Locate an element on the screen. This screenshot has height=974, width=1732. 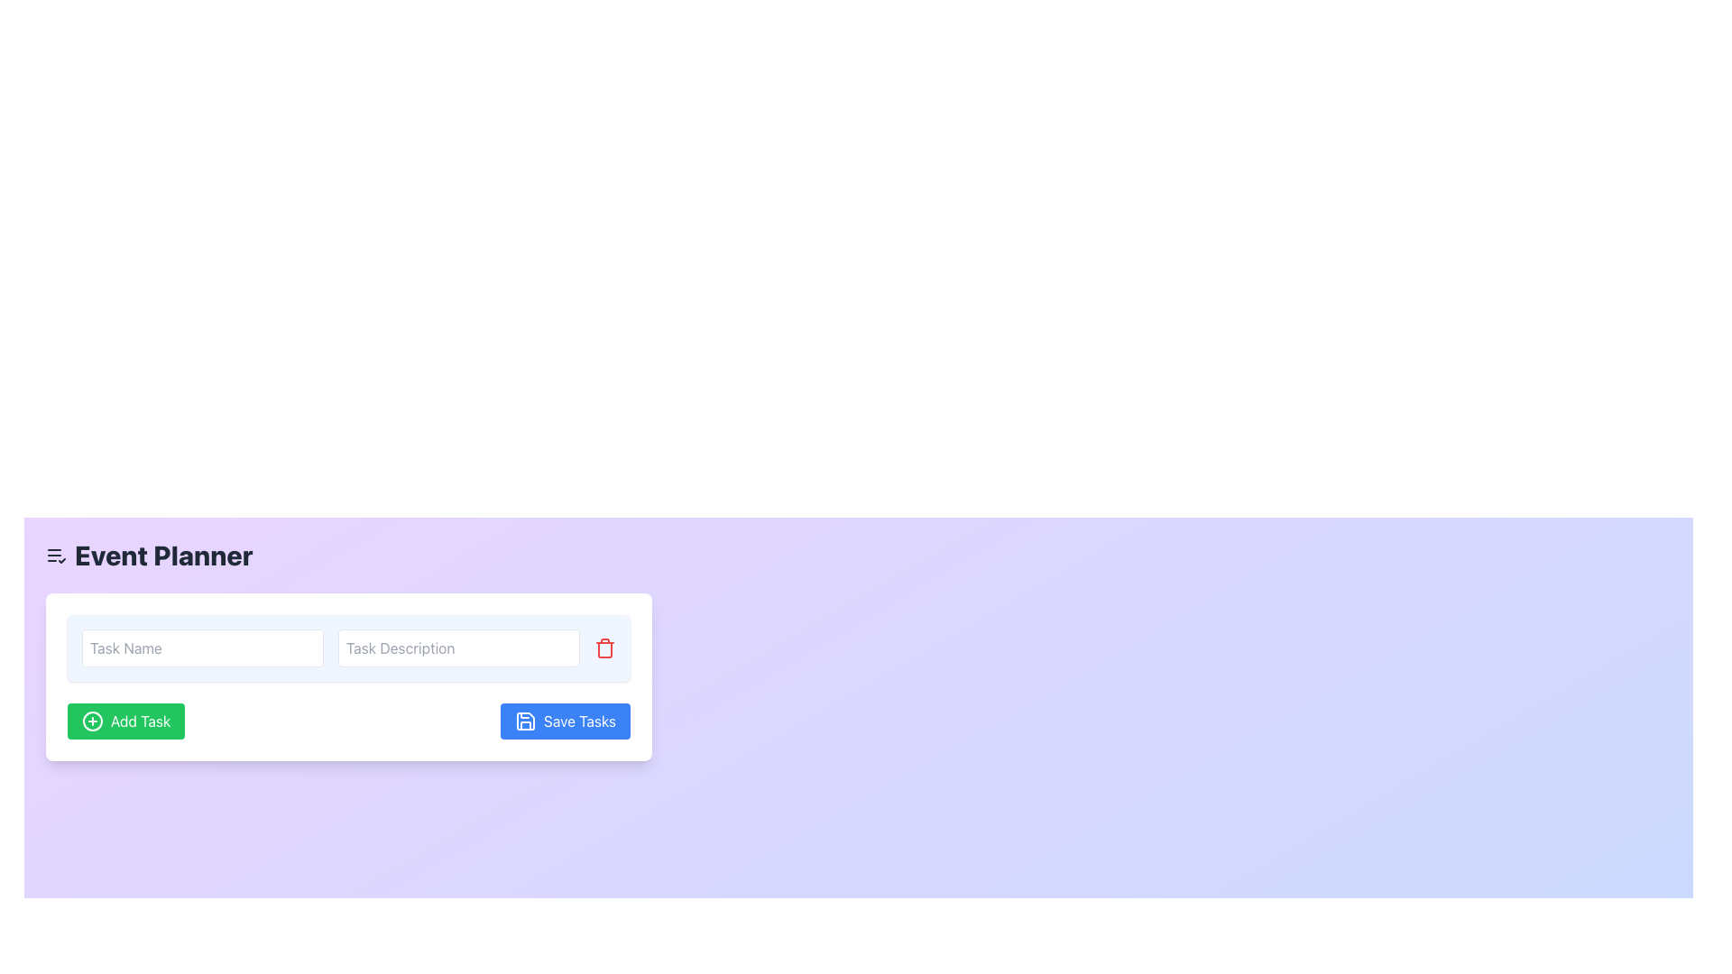
the Save icon located on the left within the blue Save Tasks button in the bottom-right area of the task management interface is located at coordinates (524, 720).